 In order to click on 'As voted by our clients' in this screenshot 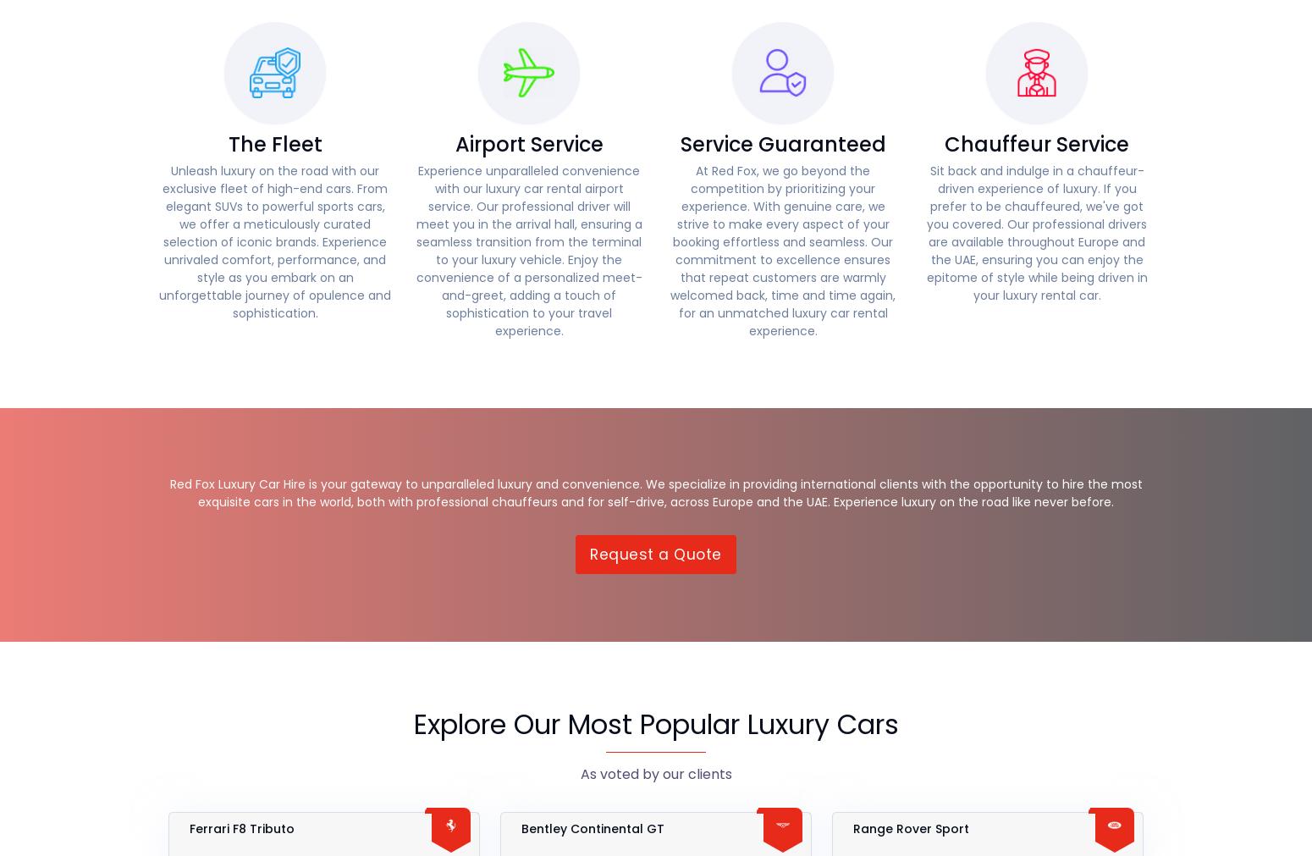, I will do `click(655, 774)`.